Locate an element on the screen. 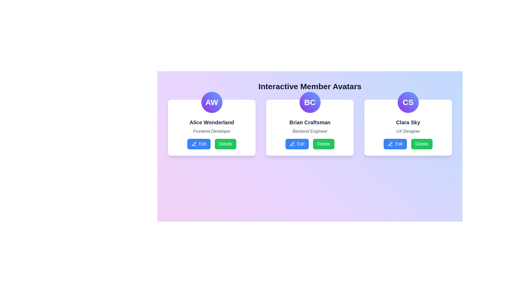  the 'Edit' icon within the blue button for 'Clara Sky' to invoke the edit function is located at coordinates (390, 144).